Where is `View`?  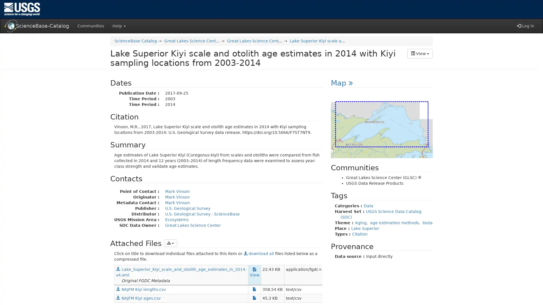 View is located at coordinates (420, 53).